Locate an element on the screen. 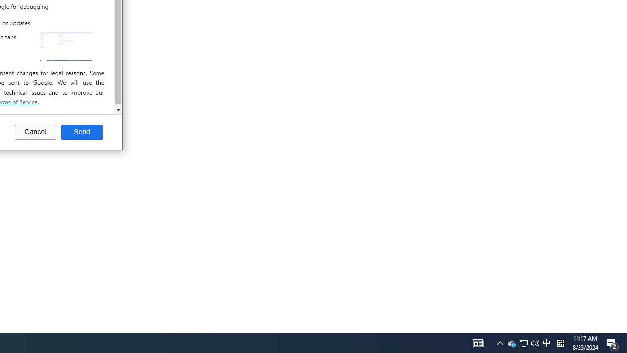 Image resolution: width=627 pixels, height=353 pixels. 'Action Center, 2 new notifications' is located at coordinates (612, 342).